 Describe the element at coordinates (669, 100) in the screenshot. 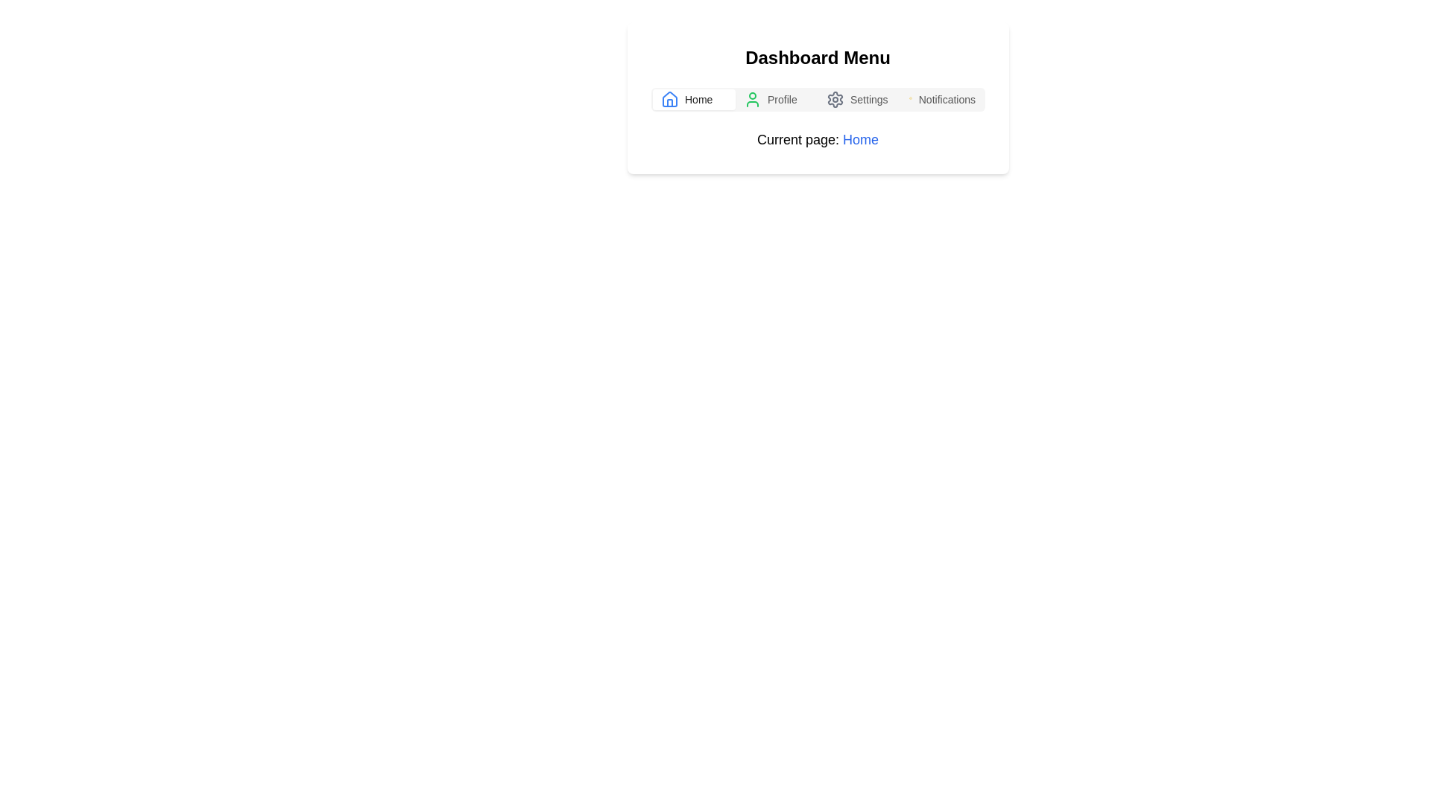

I see `the 'Home' icon in the navigation menu` at that location.